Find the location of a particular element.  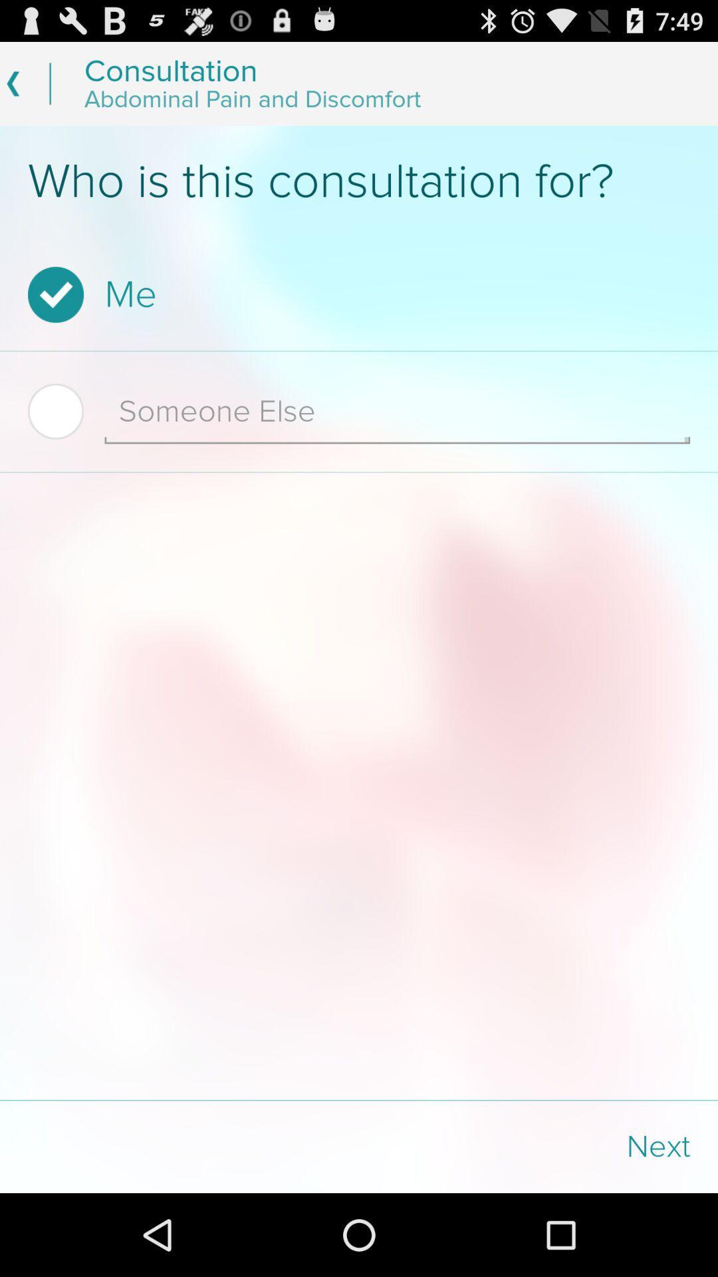

who is this app is located at coordinates (359, 181).